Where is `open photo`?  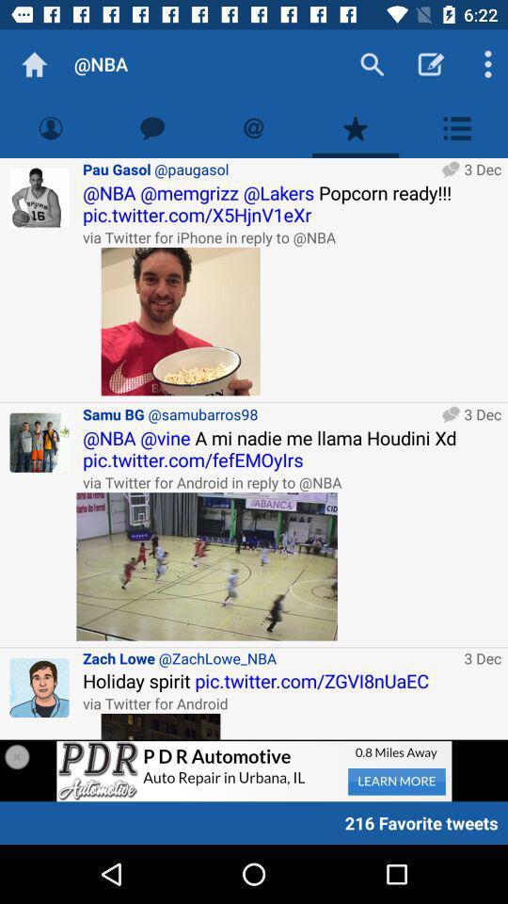 open photo is located at coordinates (206, 565).